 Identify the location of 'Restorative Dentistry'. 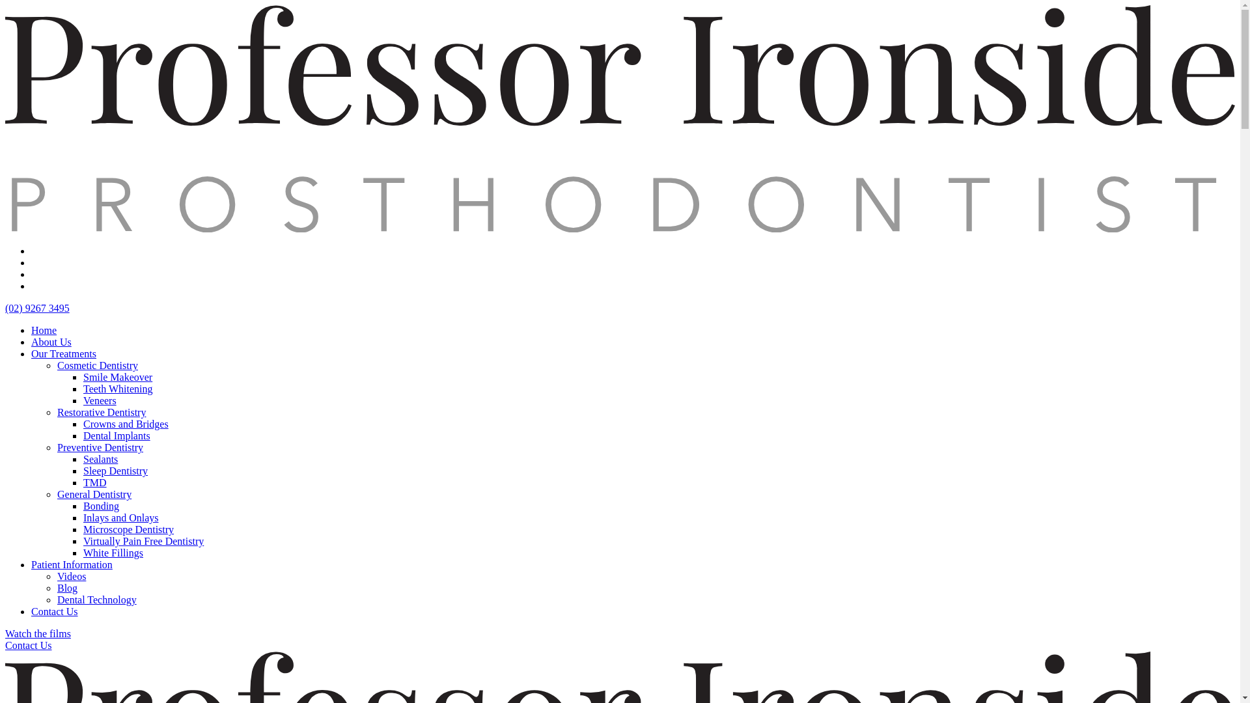
(101, 412).